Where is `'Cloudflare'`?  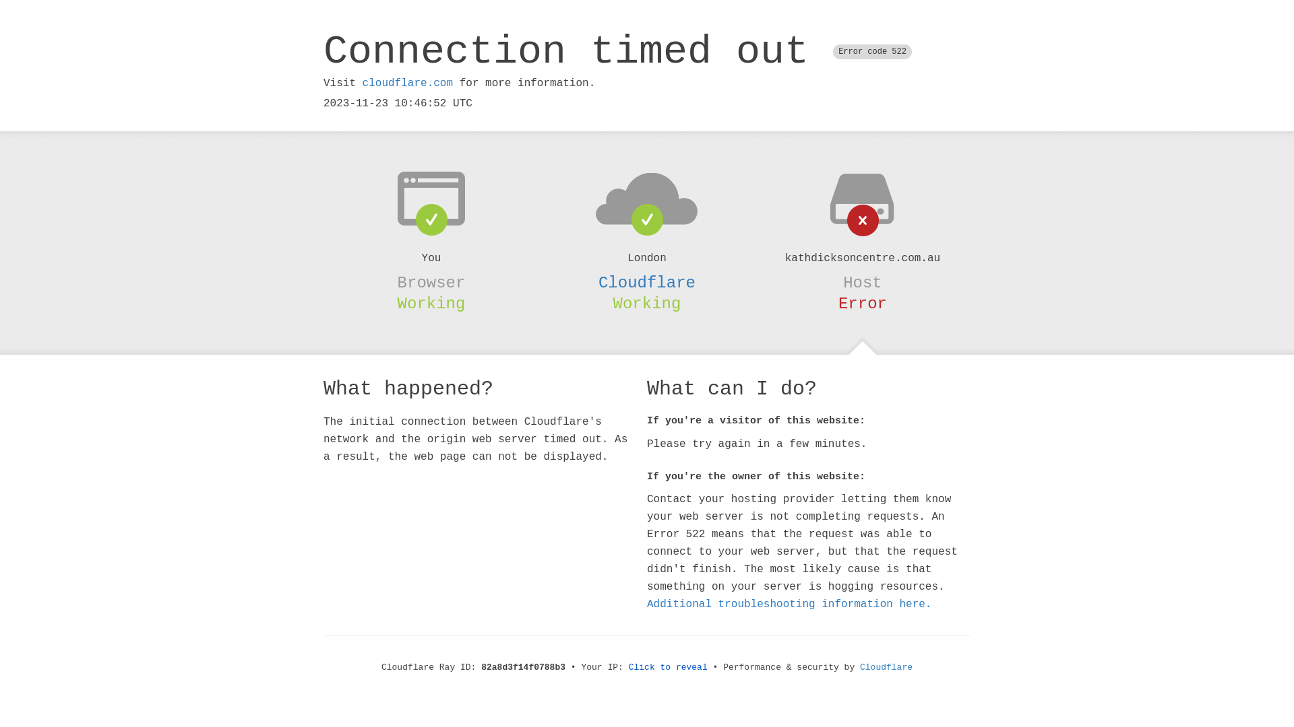
'Cloudflare' is located at coordinates (886, 667).